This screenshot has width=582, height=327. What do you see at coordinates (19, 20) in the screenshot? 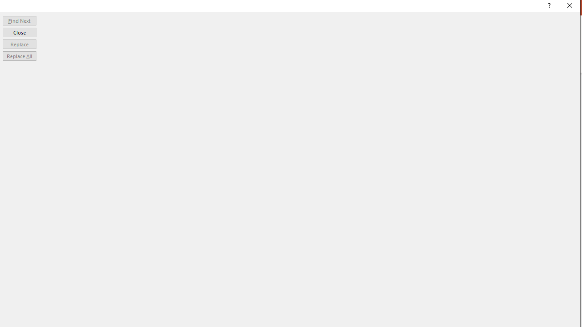
I see `'Find Next'` at bounding box center [19, 20].